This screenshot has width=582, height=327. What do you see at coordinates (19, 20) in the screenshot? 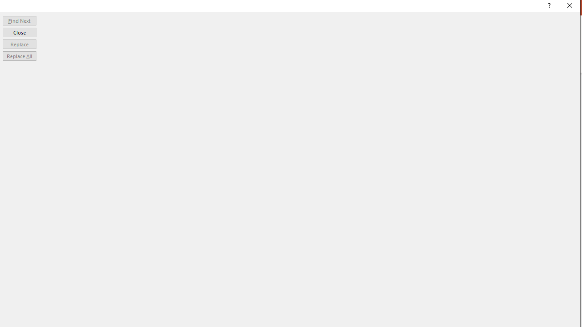
I see `'Find Next'` at bounding box center [19, 20].